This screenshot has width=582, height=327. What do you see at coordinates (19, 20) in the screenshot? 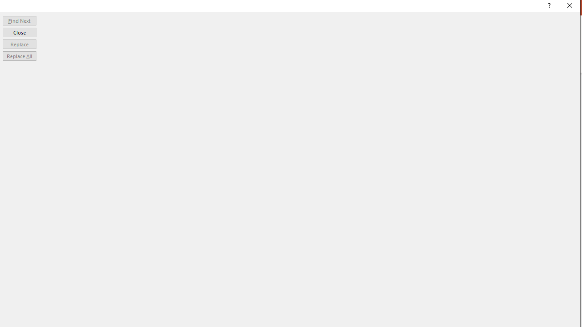
I see `'Find Next'` at bounding box center [19, 20].